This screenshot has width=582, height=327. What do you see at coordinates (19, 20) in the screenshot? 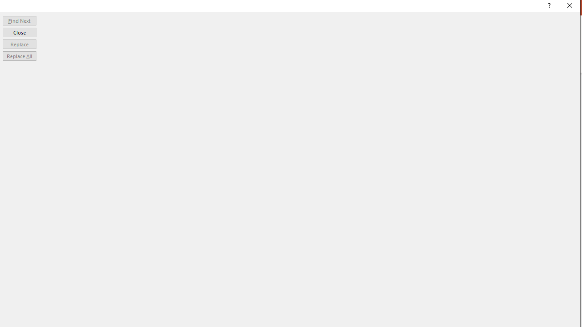
I see `'Find Next'` at bounding box center [19, 20].